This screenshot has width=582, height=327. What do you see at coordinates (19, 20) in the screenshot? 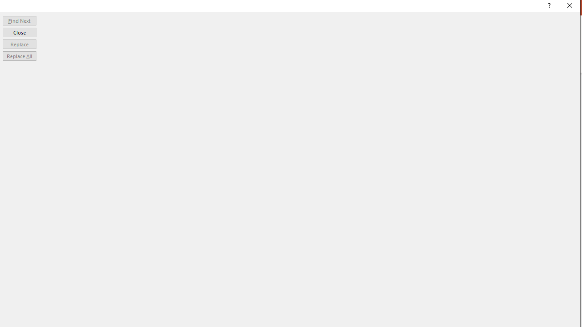
I see `'Find Next'` at bounding box center [19, 20].